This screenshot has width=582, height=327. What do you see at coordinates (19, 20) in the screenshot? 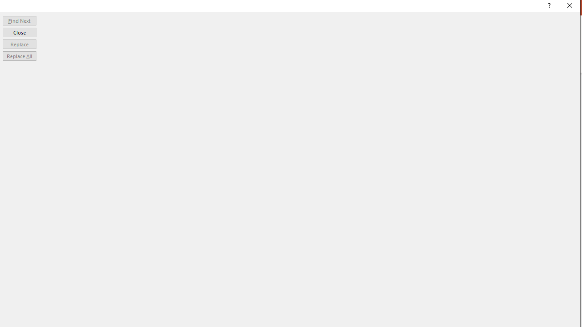
I see `'Find Next'` at bounding box center [19, 20].